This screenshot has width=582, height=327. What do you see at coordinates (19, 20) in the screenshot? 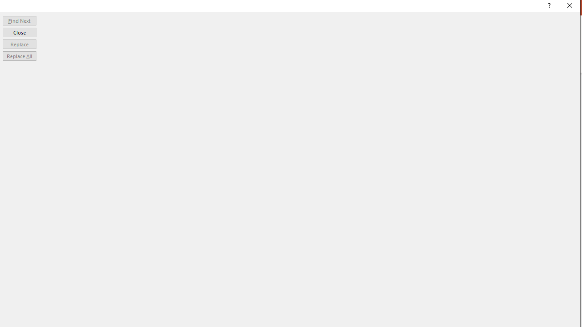
I see `'Find Next'` at bounding box center [19, 20].